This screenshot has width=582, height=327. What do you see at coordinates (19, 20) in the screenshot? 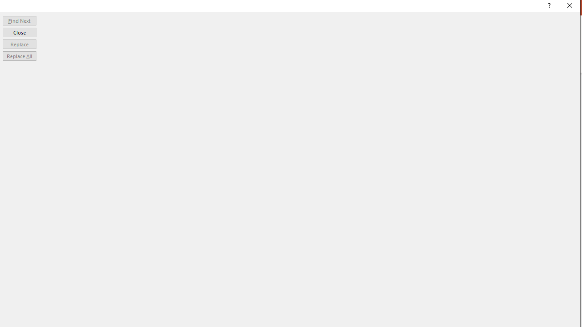
I see `'Find Next'` at bounding box center [19, 20].